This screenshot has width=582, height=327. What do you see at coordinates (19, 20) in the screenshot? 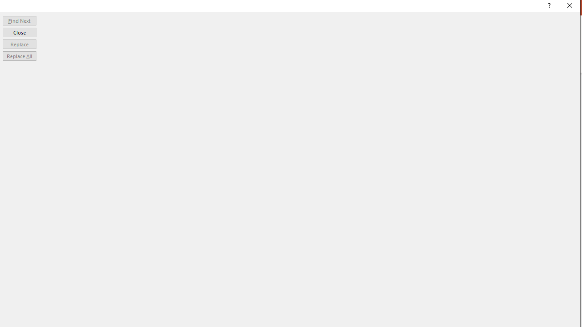
I see `'Find Next'` at bounding box center [19, 20].